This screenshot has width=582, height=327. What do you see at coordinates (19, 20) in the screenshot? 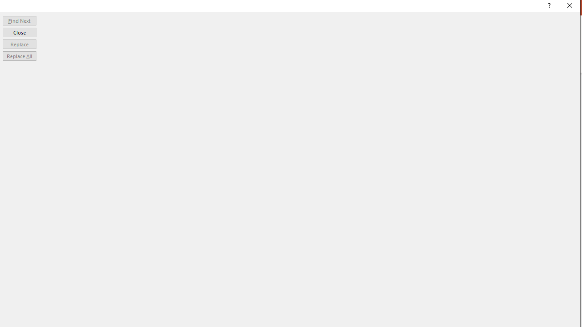
I see `'Find Next'` at bounding box center [19, 20].